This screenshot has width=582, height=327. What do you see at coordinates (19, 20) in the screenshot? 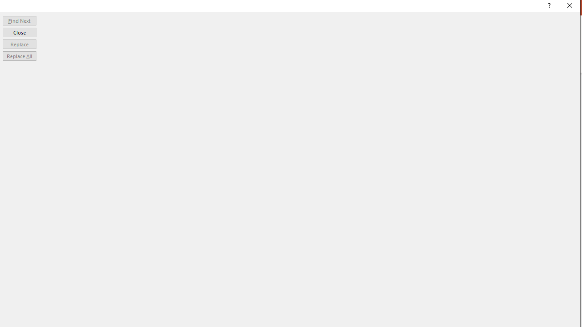
I see `'Find Next'` at bounding box center [19, 20].